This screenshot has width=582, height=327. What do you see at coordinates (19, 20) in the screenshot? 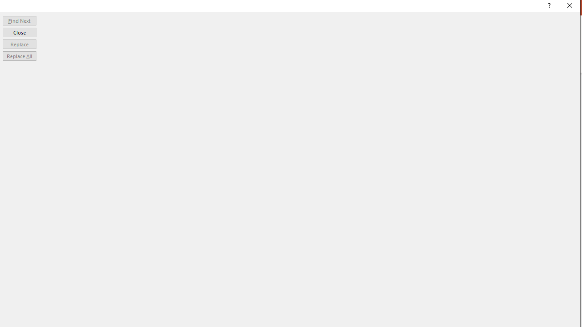
I see `'Find Next'` at bounding box center [19, 20].